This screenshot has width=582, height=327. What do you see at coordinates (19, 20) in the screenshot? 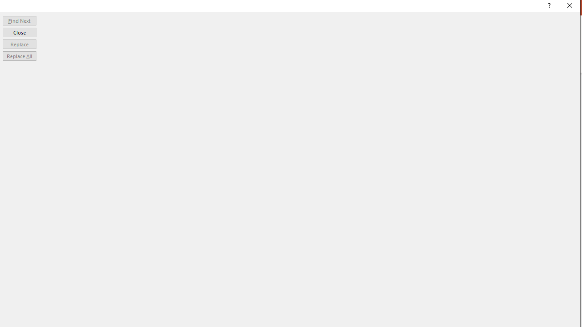
I see `'Find Next'` at bounding box center [19, 20].